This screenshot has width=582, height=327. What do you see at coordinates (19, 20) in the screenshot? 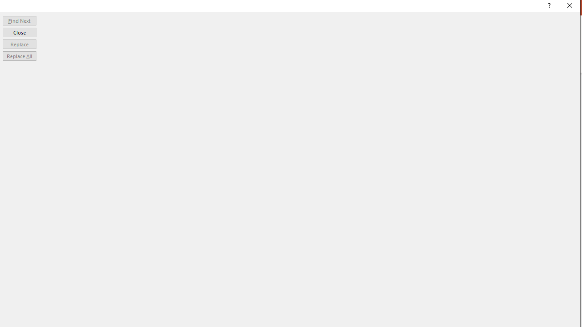
I see `'Find Next'` at bounding box center [19, 20].